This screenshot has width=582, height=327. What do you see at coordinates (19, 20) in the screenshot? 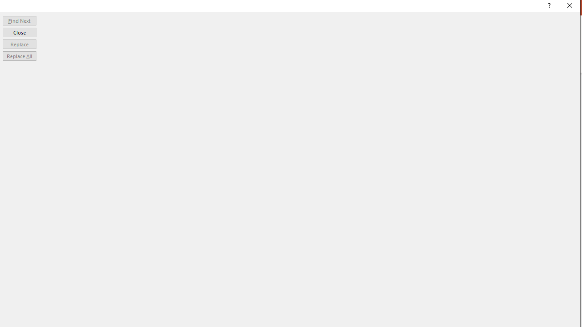
I see `'Find Next'` at bounding box center [19, 20].